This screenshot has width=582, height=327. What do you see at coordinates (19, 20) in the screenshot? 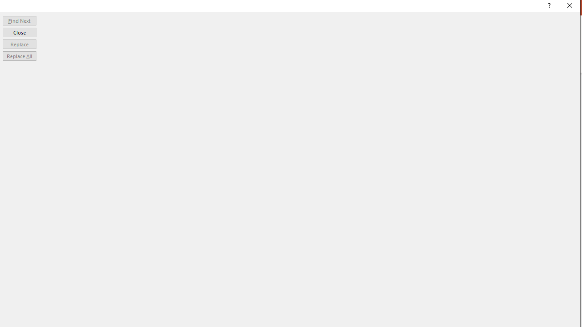
I see `'Find Next'` at bounding box center [19, 20].